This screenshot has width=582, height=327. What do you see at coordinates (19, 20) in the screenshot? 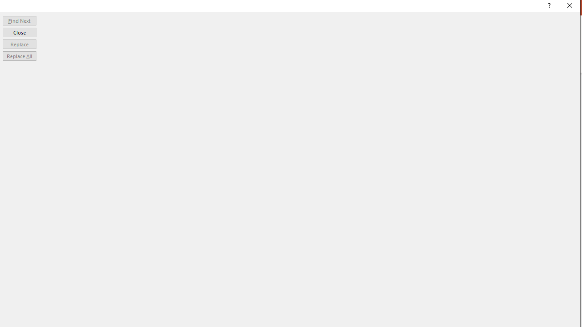
I see `'Find Next'` at bounding box center [19, 20].